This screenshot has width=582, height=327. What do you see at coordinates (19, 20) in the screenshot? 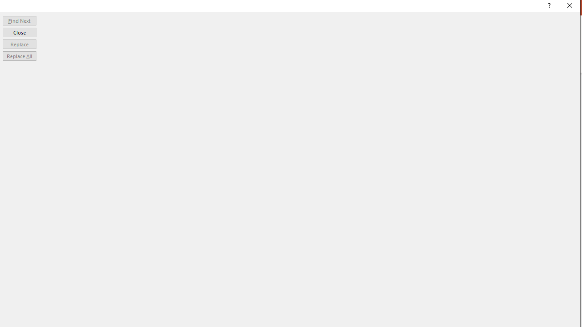
I see `'Find Next'` at bounding box center [19, 20].